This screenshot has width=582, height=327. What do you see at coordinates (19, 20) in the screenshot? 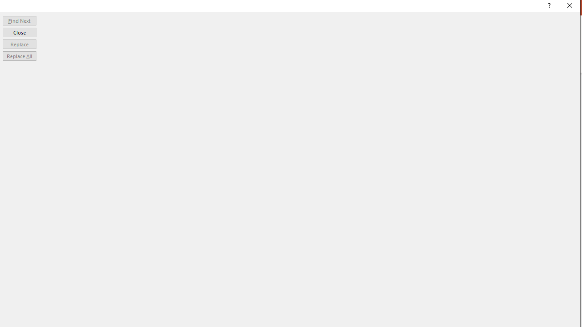
I see `'Find Next'` at bounding box center [19, 20].